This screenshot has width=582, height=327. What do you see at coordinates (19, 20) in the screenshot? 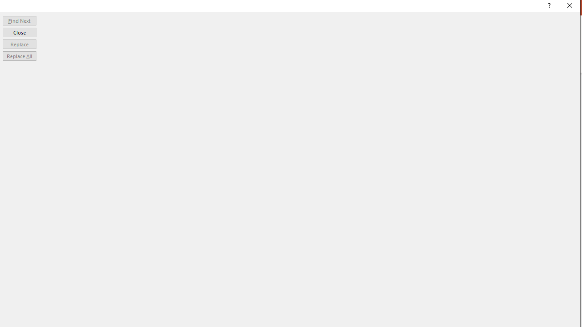
I see `'Find Next'` at bounding box center [19, 20].